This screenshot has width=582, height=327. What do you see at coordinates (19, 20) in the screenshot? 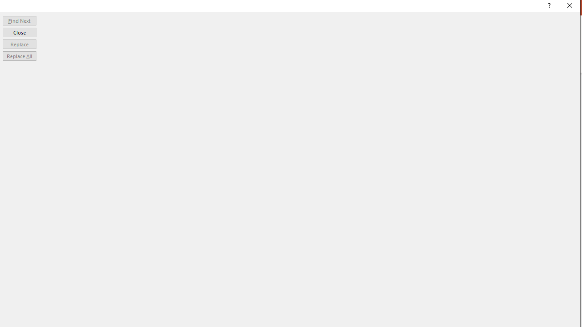
I see `'Find Next'` at bounding box center [19, 20].